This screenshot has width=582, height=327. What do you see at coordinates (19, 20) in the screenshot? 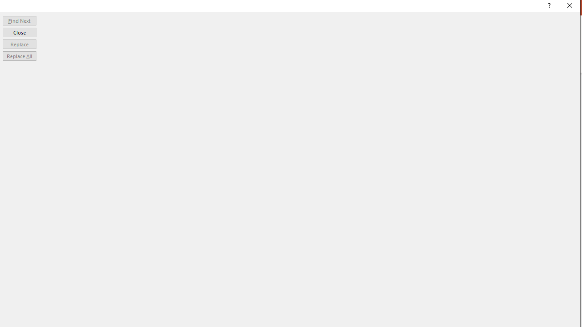
I see `'Find Next'` at bounding box center [19, 20].